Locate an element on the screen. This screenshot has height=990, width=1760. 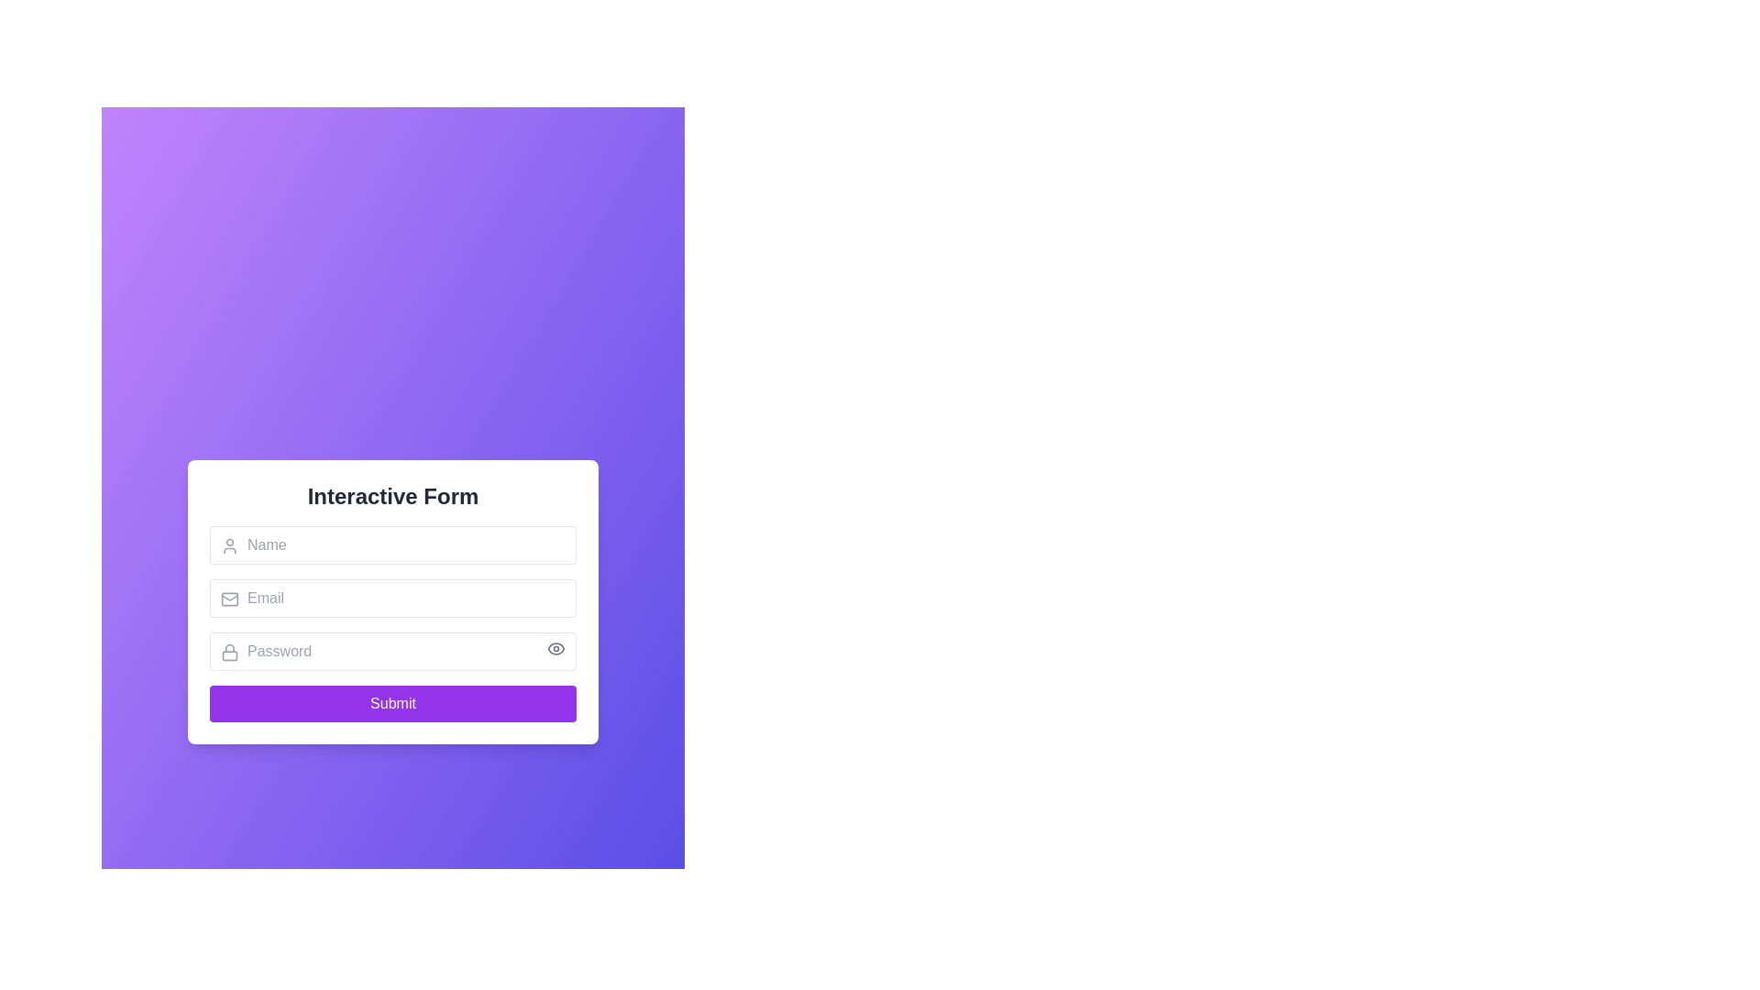
the button located in the top-right corner of the password input field is located at coordinates (555, 648).